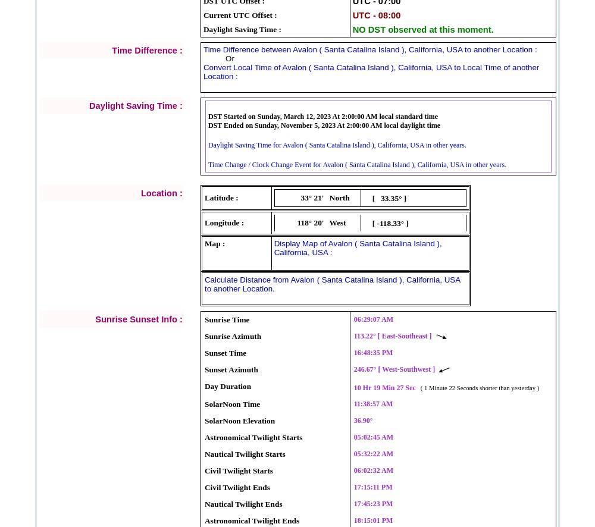  What do you see at coordinates (373, 453) in the screenshot?
I see `'05:32:22 AM'` at bounding box center [373, 453].